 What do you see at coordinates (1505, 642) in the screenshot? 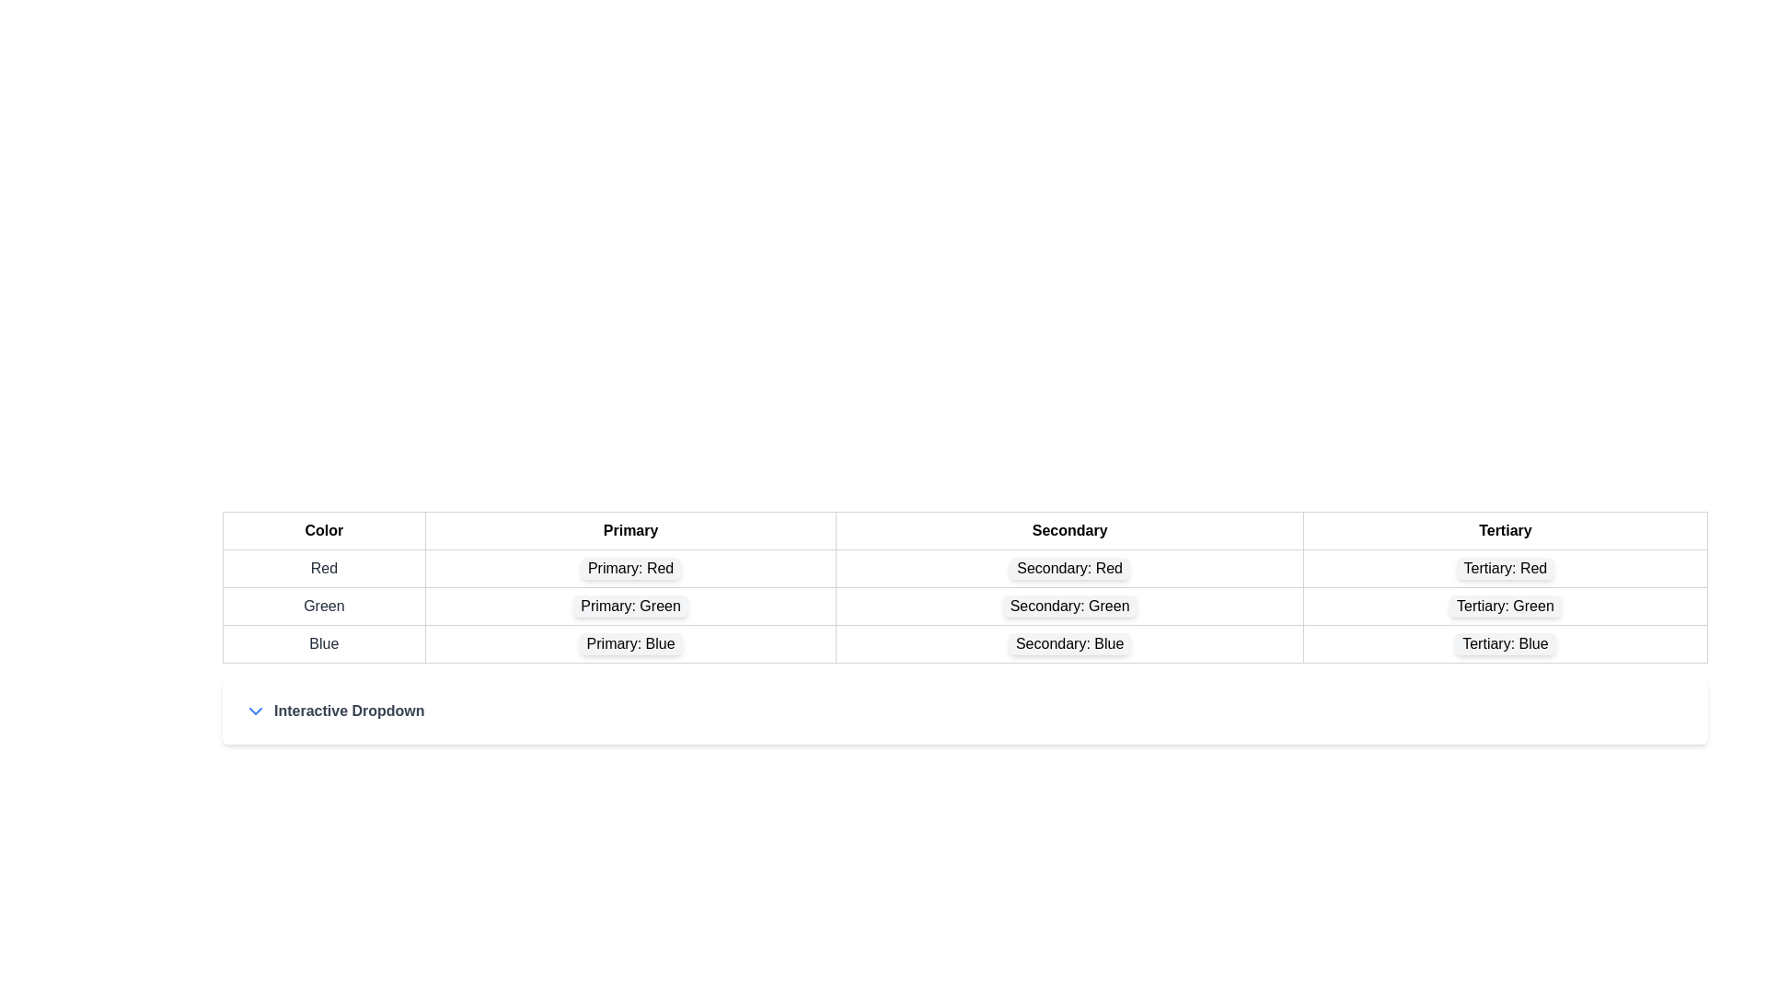
I see `text of the Badge/Label indicating the 'Blue' color category in the third row under the 'Tertiary' column of the table` at bounding box center [1505, 642].